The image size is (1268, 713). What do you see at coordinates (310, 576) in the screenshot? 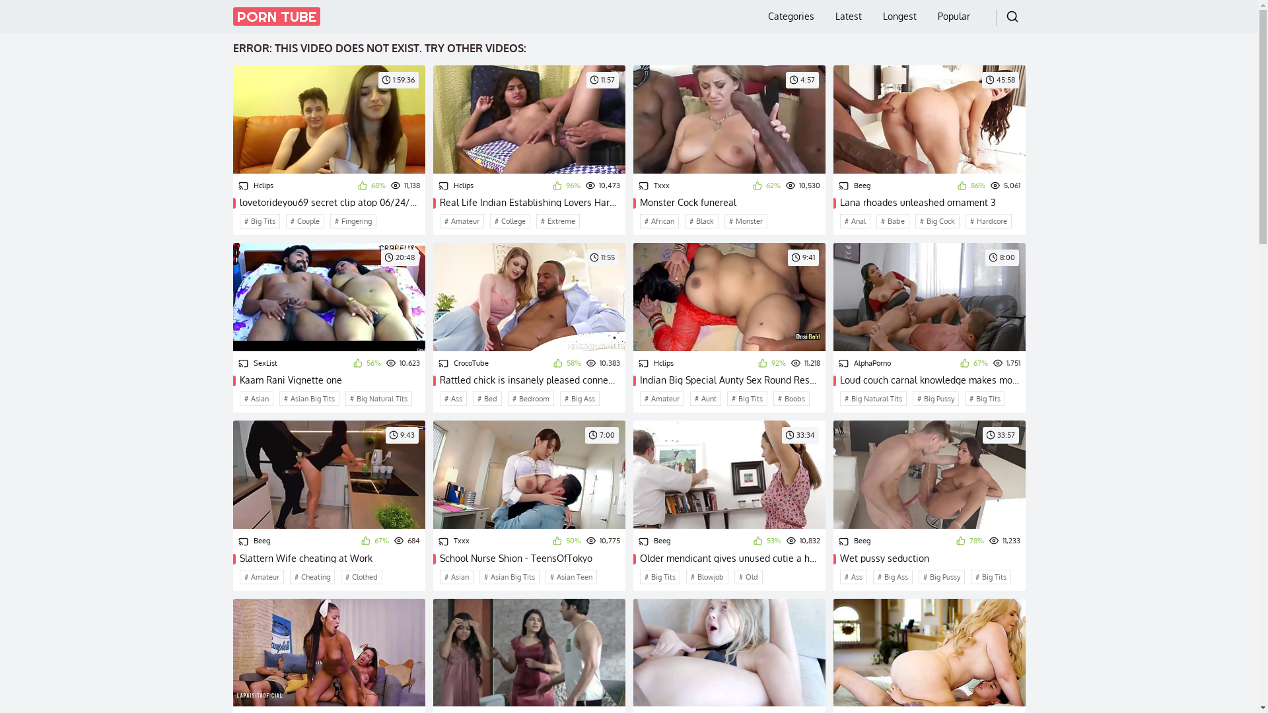
I see `'Cheating'` at bounding box center [310, 576].